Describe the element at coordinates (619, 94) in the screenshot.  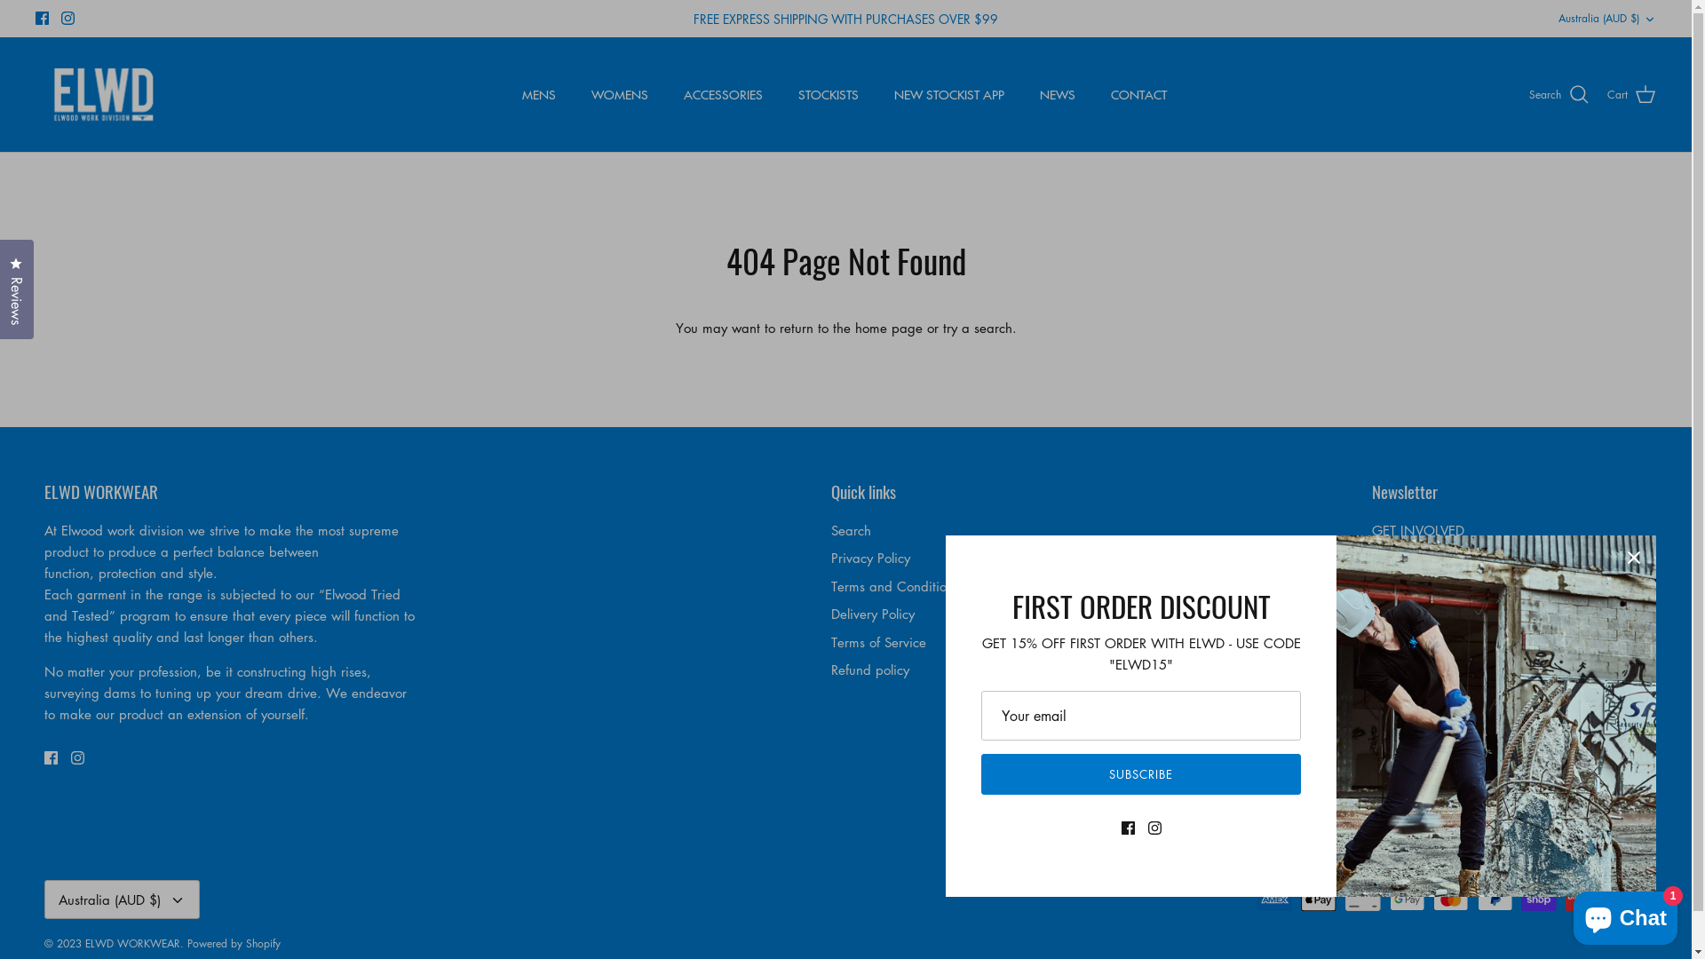
I see `'WOMENS'` at that location.